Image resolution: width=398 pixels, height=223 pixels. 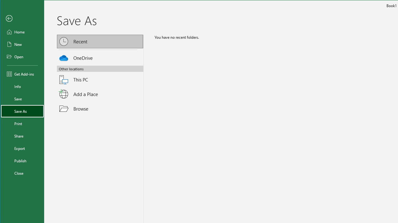 What do you see at coordinates (100, 57) in the screenshot?
I see `'OneDrive'` at bounding box center [100, 57].